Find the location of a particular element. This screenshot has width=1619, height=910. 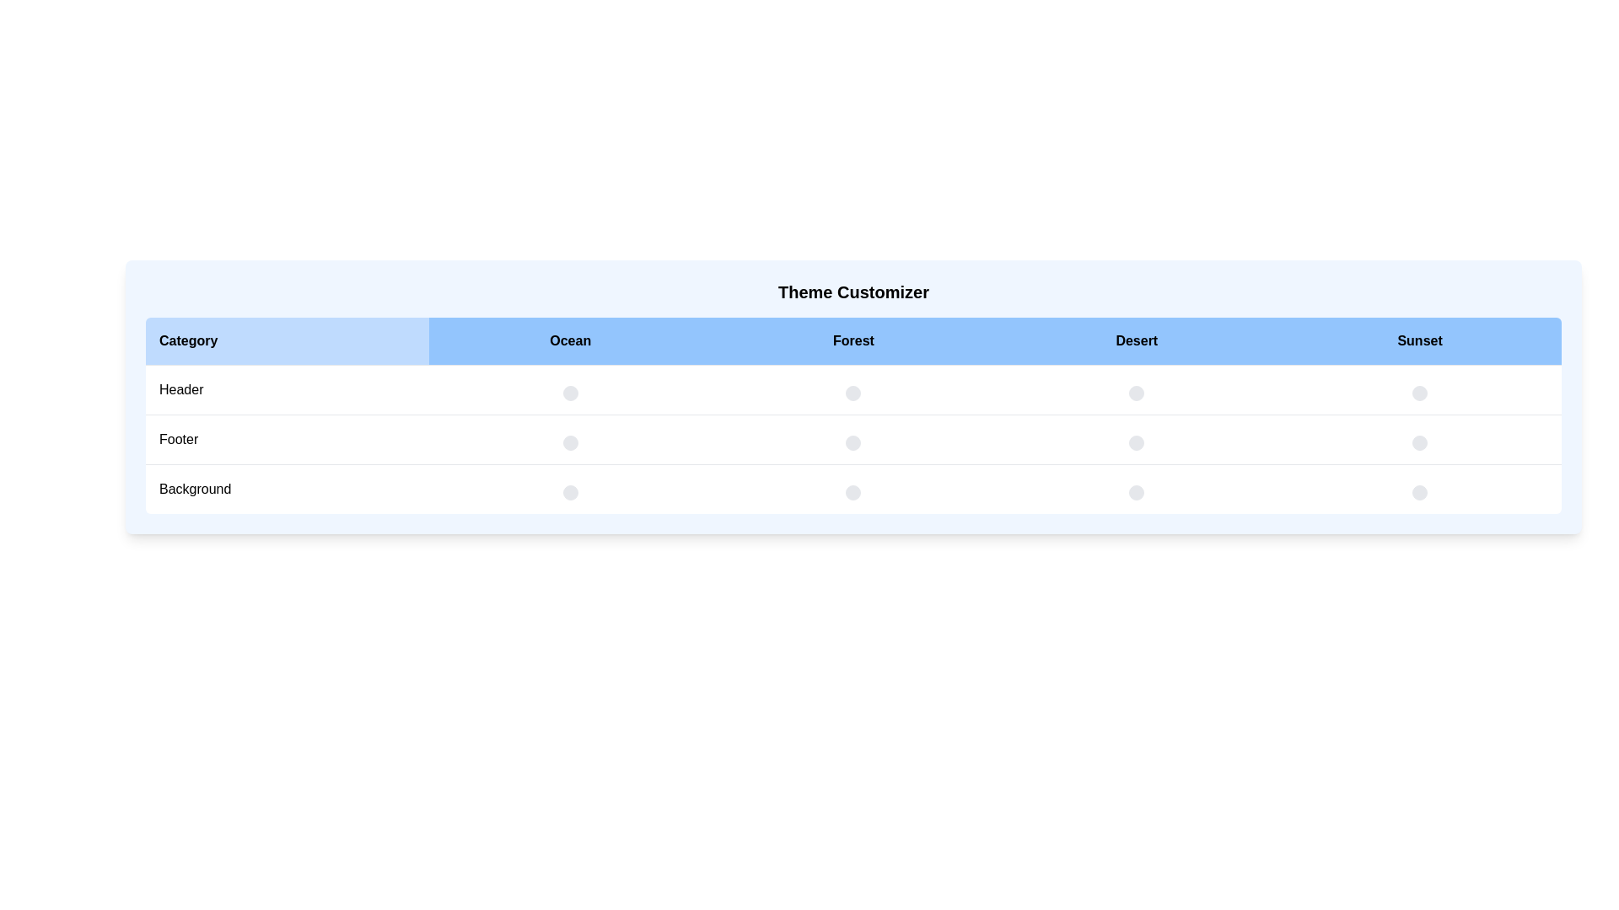

the small circular button with a grayish background located in the footer row under the Desert column is located at coordinates (1137, 438).